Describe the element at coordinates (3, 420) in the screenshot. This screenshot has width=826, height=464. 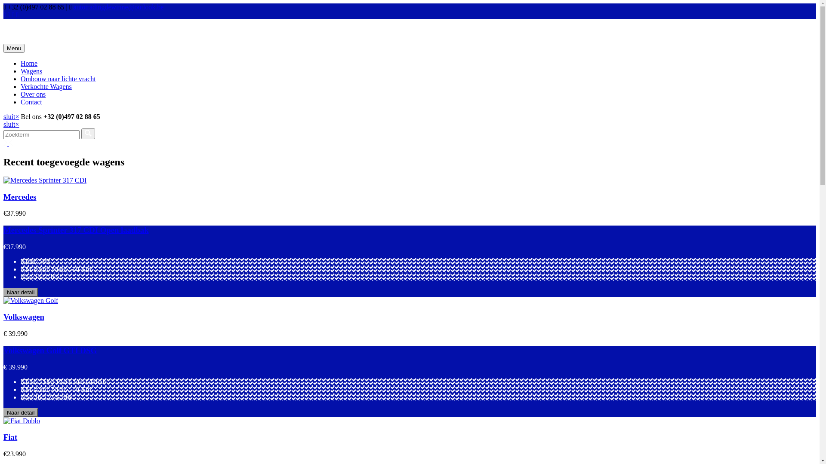
I see `' Fiat  Doblo '` at that location.